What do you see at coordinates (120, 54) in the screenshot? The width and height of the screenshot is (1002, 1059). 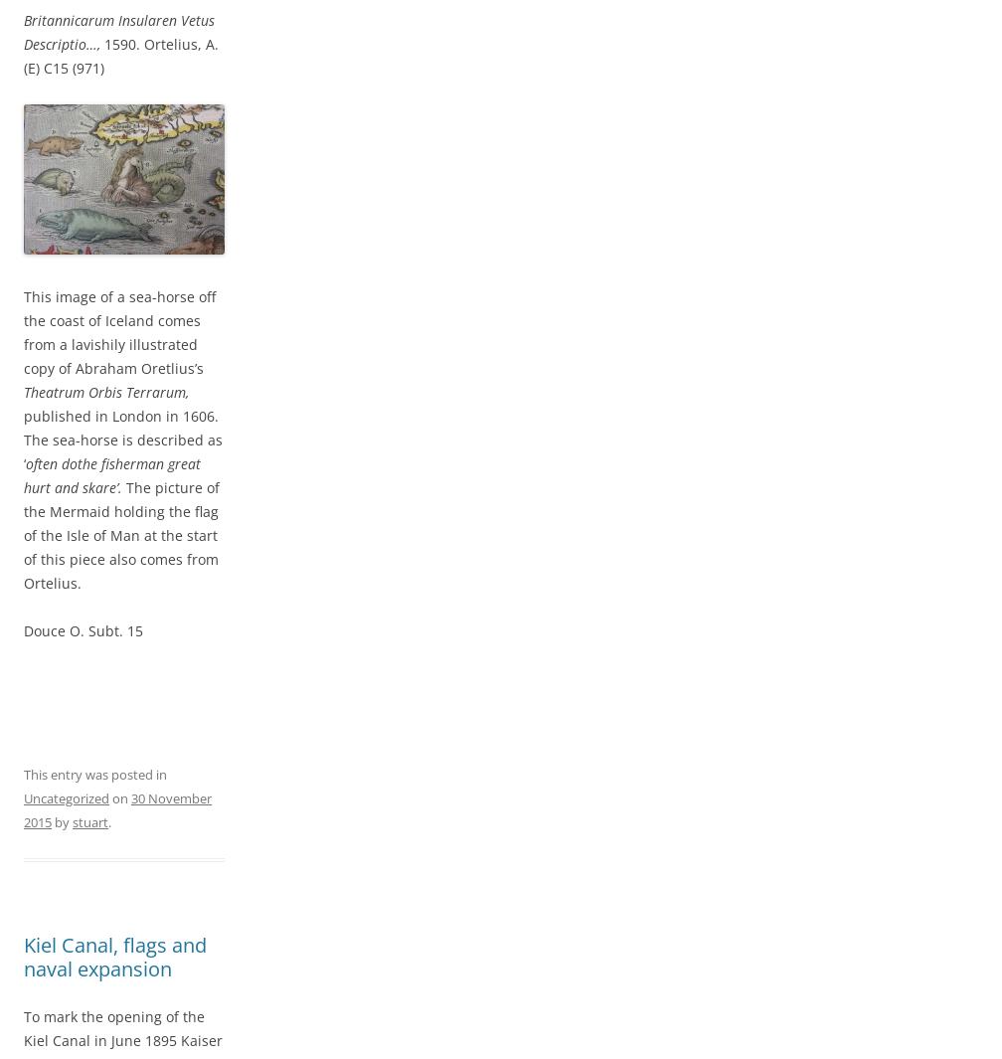 I see `'1590. Ortelius, A. (E) C15 (971)'` at bounding box center [120, 54].